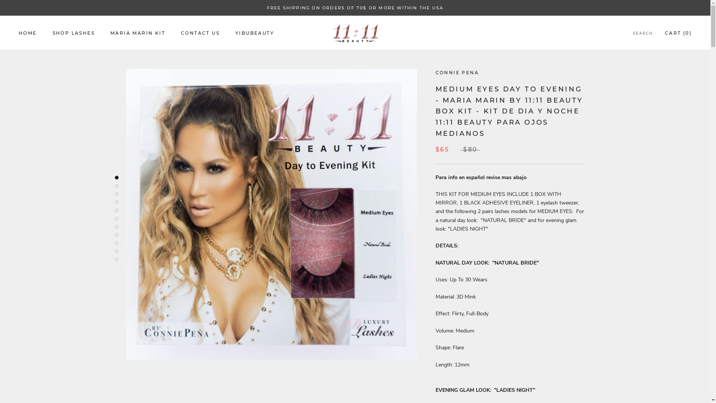  What do you see at coordinates (254, 32) in the screenshot?
I see `'YIBUBEAUTY` at bounding box center [254, 32].